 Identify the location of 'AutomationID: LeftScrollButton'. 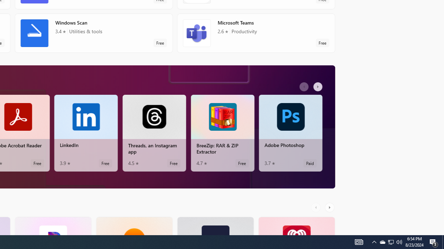
(316, 207).